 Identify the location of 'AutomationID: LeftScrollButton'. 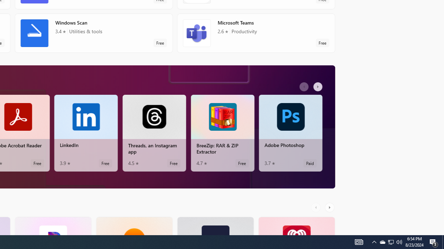
(316, 207).